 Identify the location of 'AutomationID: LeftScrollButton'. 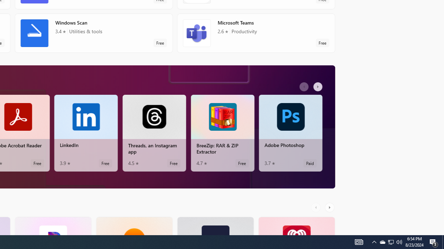
(316, 207).